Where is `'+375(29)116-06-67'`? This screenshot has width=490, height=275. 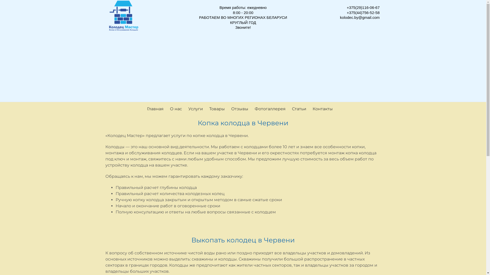 '+375(29)116-06-67' is located at coordinates (363, 7).